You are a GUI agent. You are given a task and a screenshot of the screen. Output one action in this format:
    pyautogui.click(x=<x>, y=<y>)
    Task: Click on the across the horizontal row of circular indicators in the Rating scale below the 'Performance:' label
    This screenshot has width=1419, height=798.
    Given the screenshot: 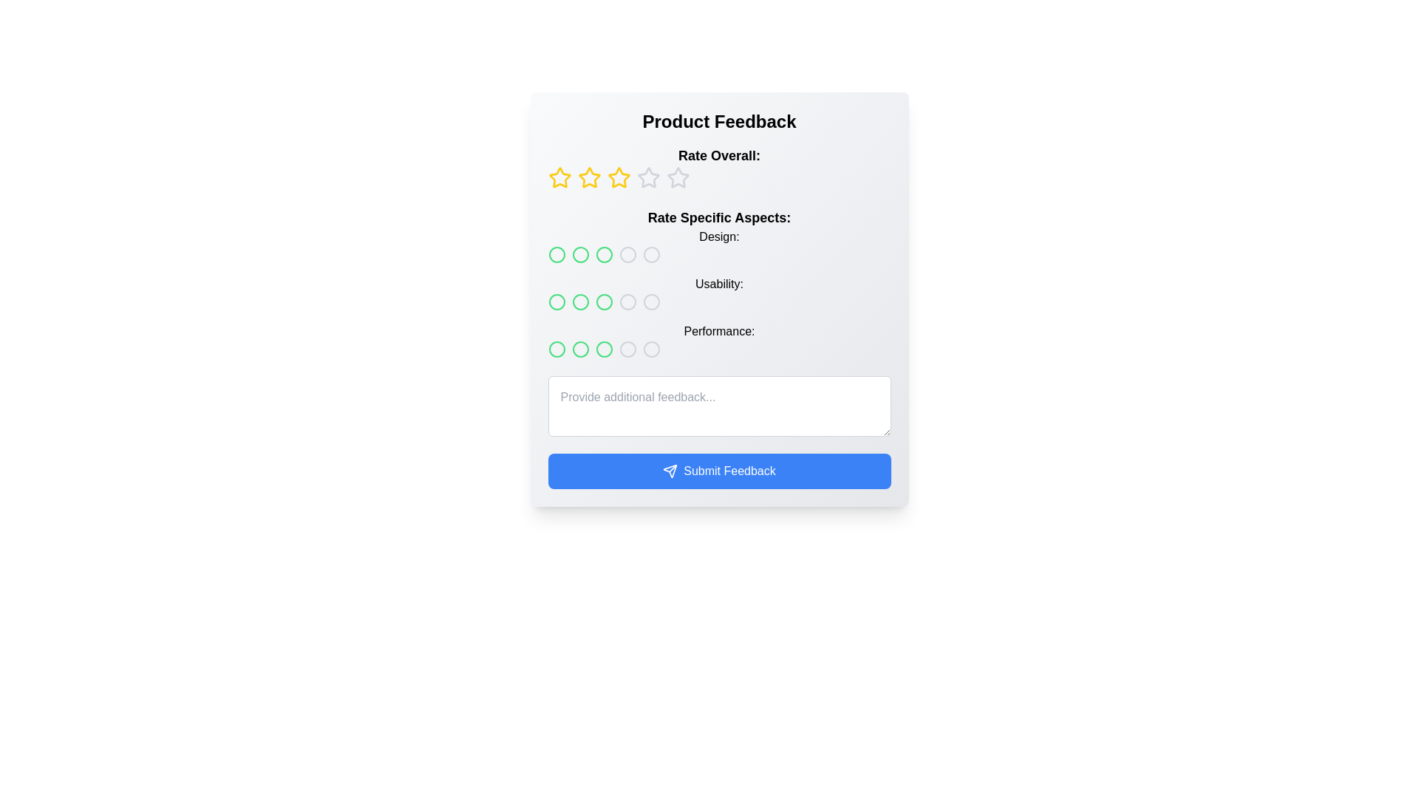 What is the action you would take?
    pyautogui.click(x=719, y=349)
    